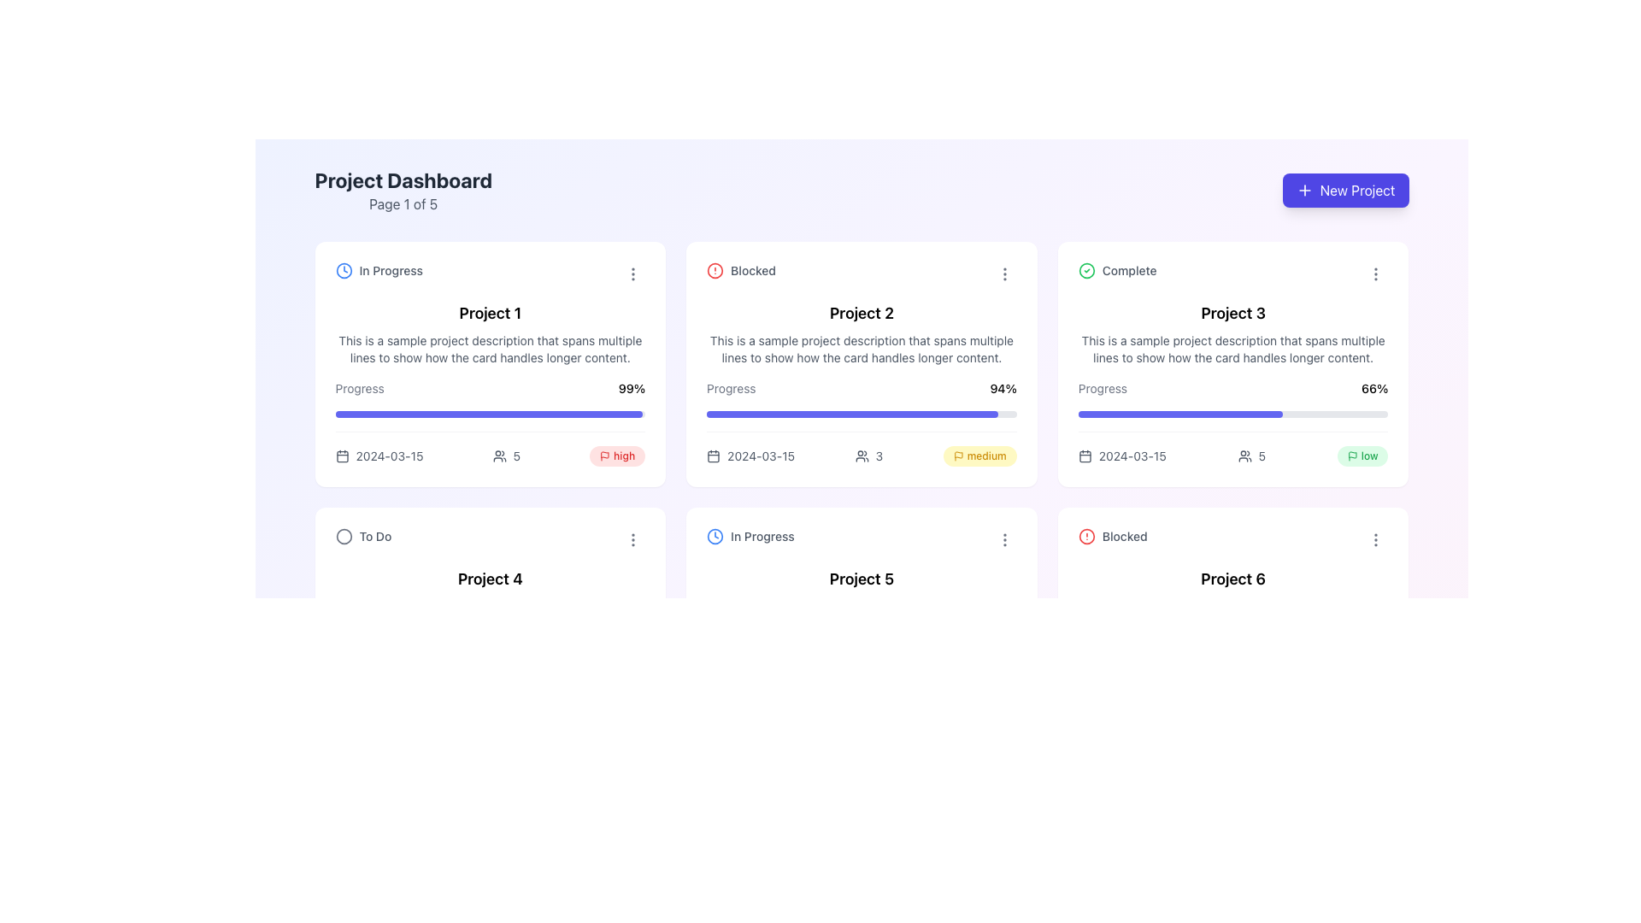  I want to click on the progress indicator that visually represents 99% completion within the 'Project 1' card located in the first row and first column, so click(487, 414).